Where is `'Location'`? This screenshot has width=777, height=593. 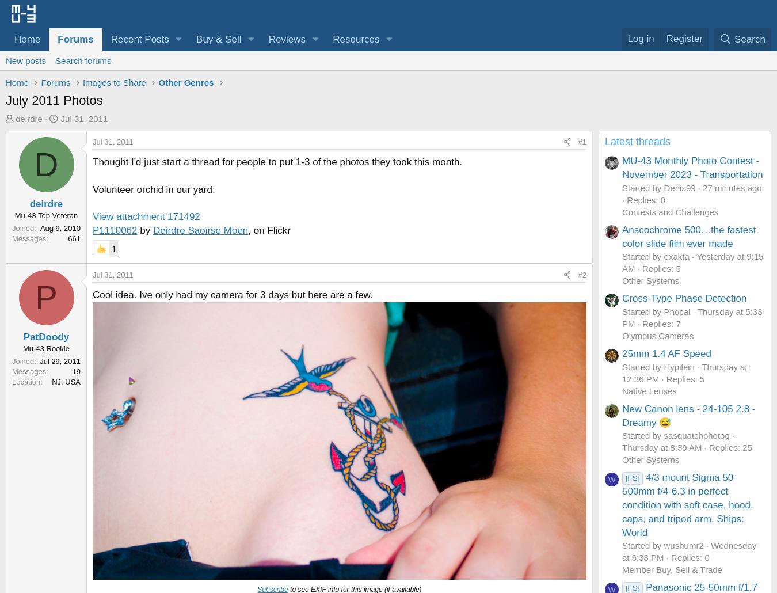 'Location' is located at coordinates (25, 381).